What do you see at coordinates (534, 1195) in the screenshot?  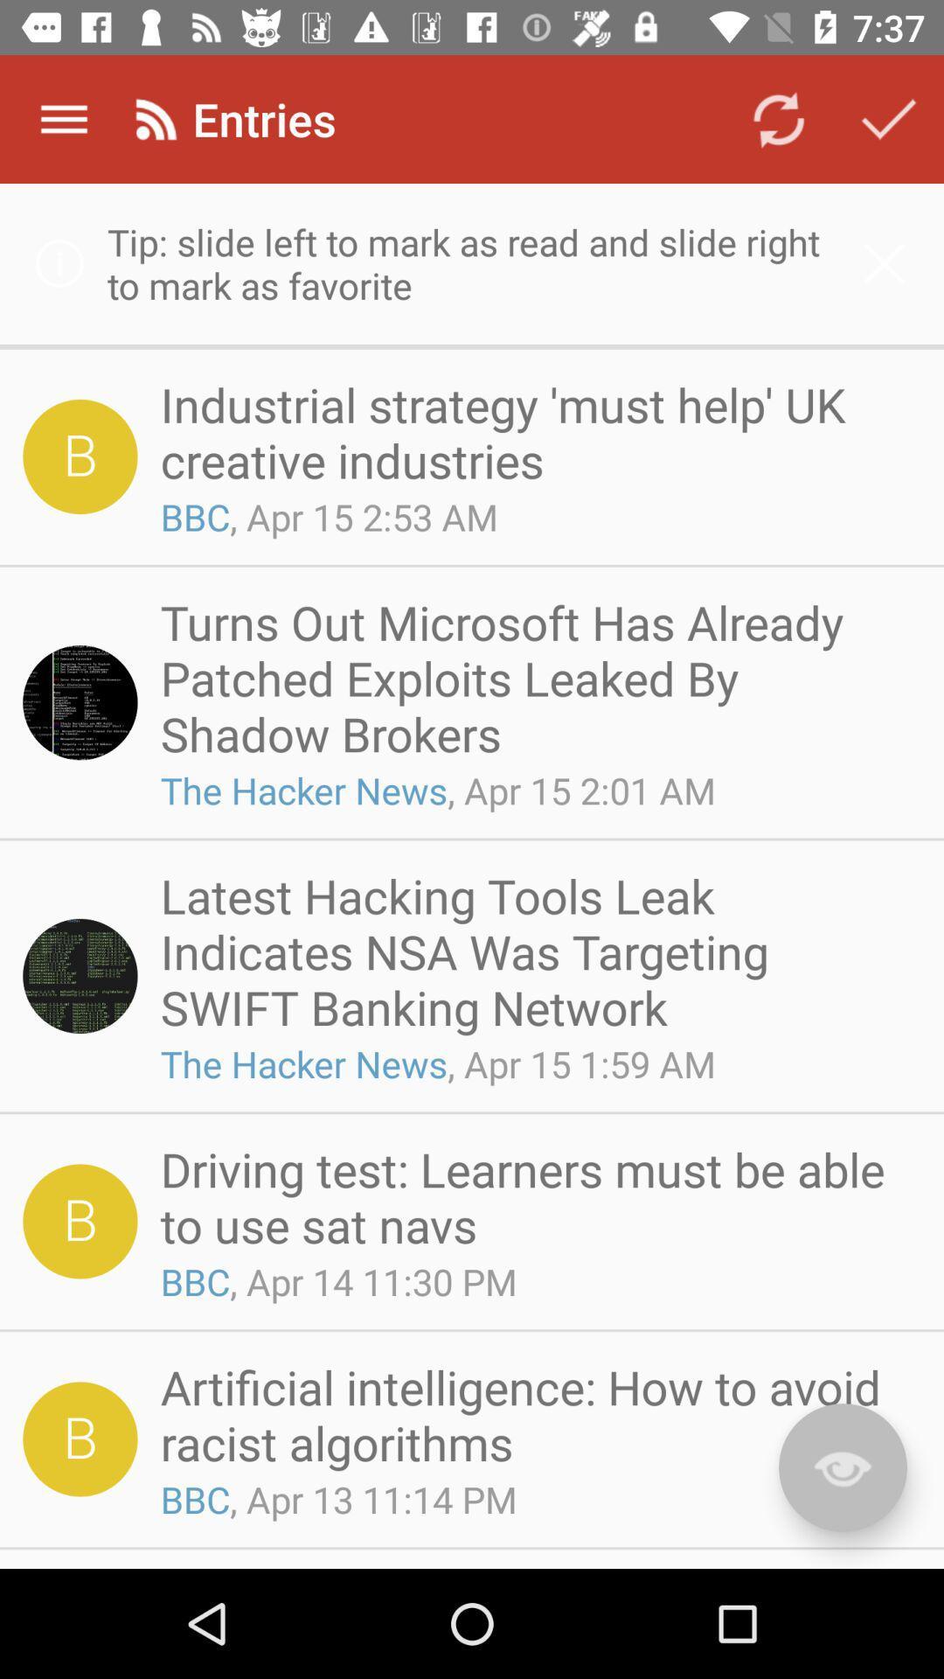 I see `the app below the hacker news` at bounding box center [534, 1195].